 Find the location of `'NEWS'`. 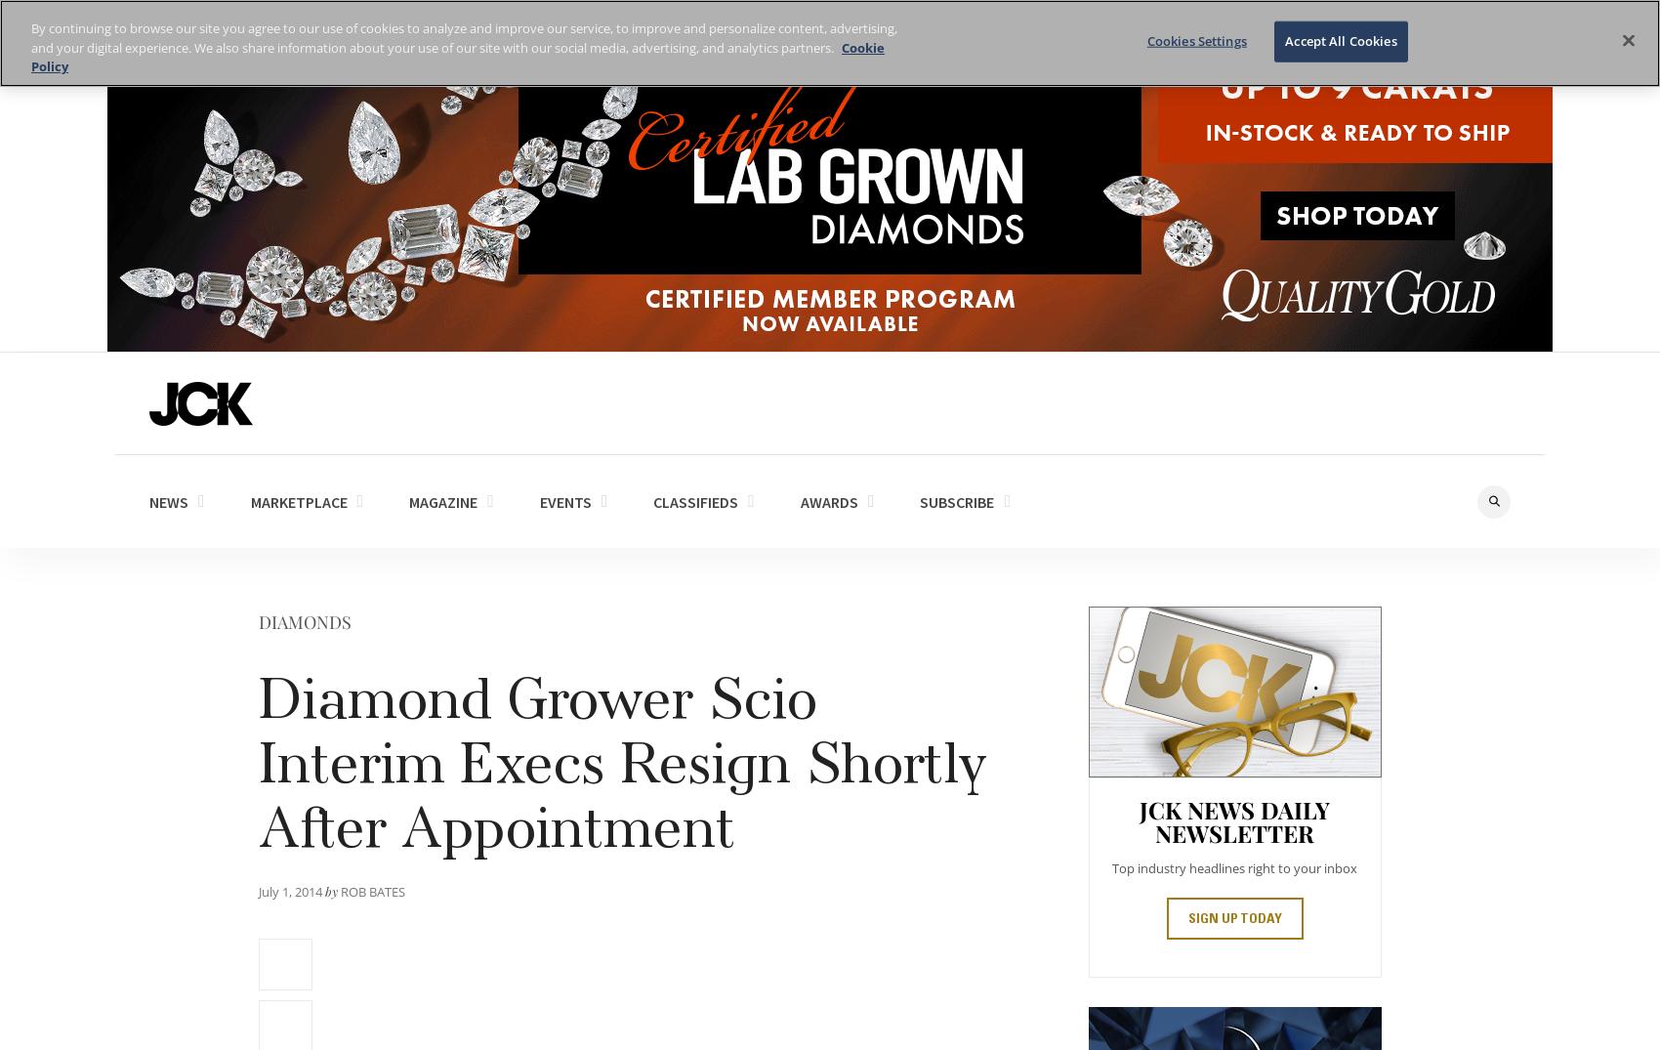

'NEWS' is located at coordinates (168, 499).